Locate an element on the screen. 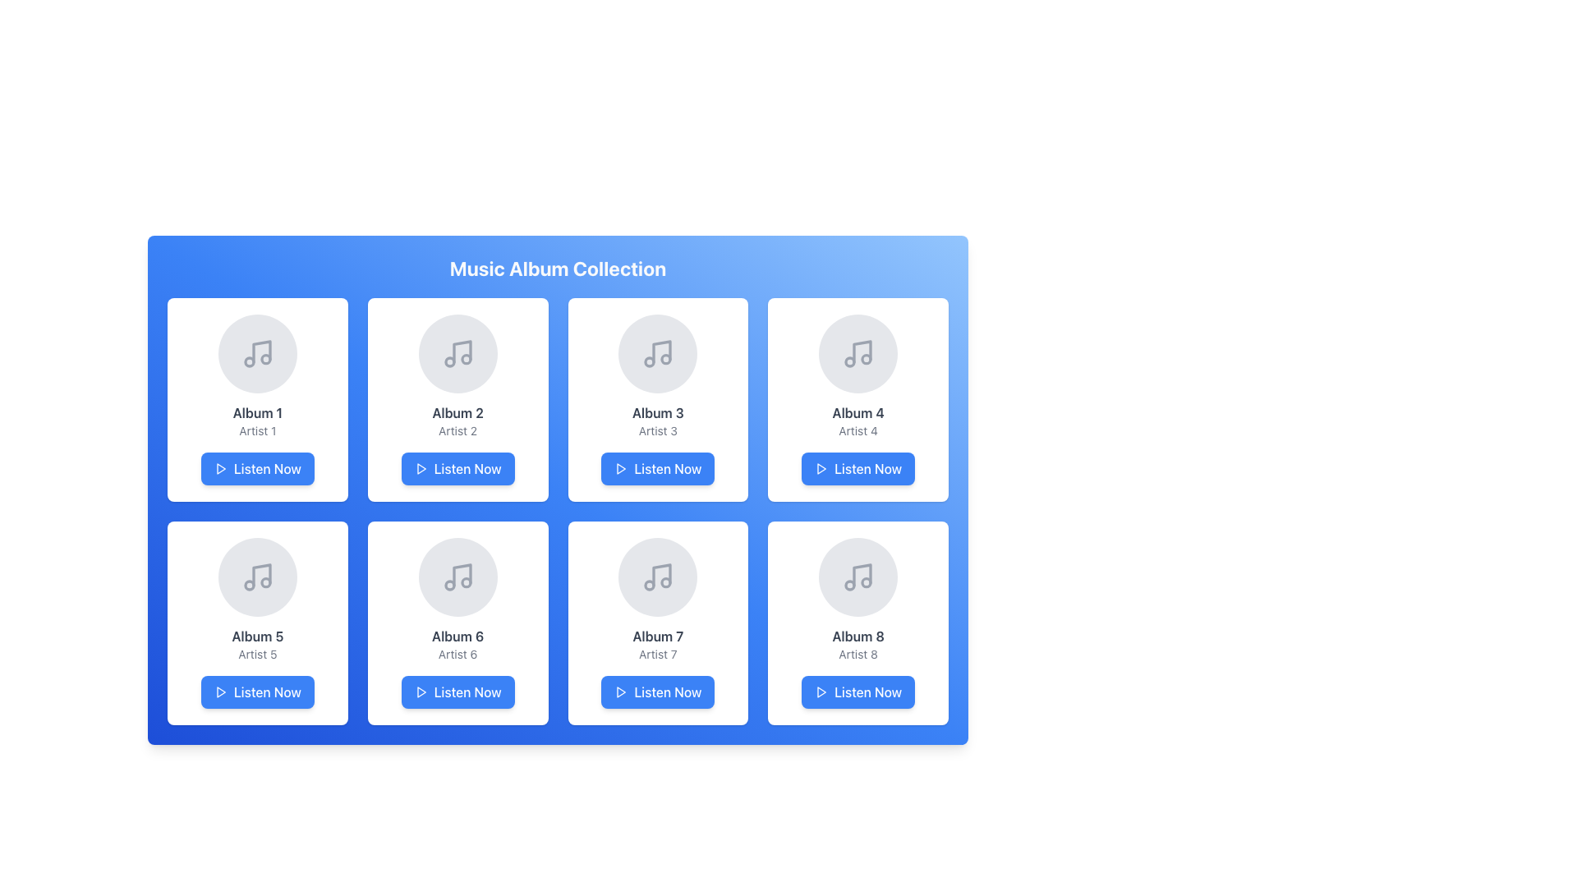 This screenshot has height=887, width=1577. the text label displaying the album title in the fourth album card of the music album collection grid, which is located below the thumbnail image and above 'Artist 4' is located at coordinates (857, 411).